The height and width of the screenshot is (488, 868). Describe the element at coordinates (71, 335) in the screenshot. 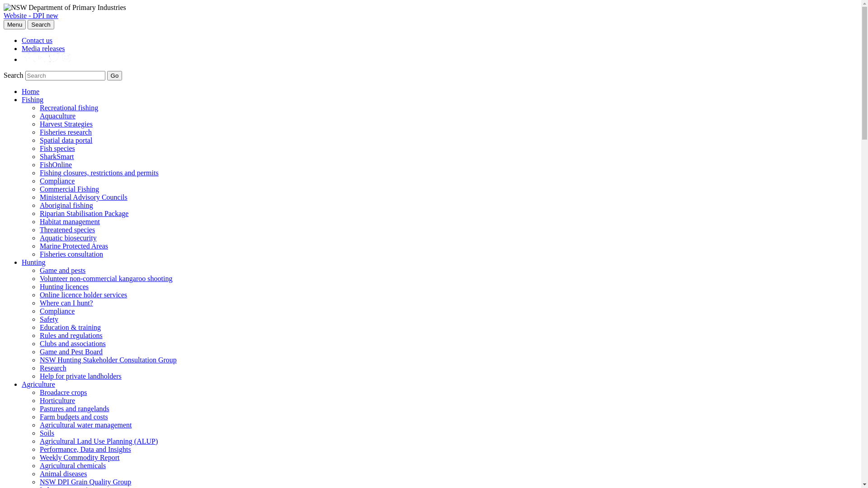

I see `'Rules and regulations'` at that location.